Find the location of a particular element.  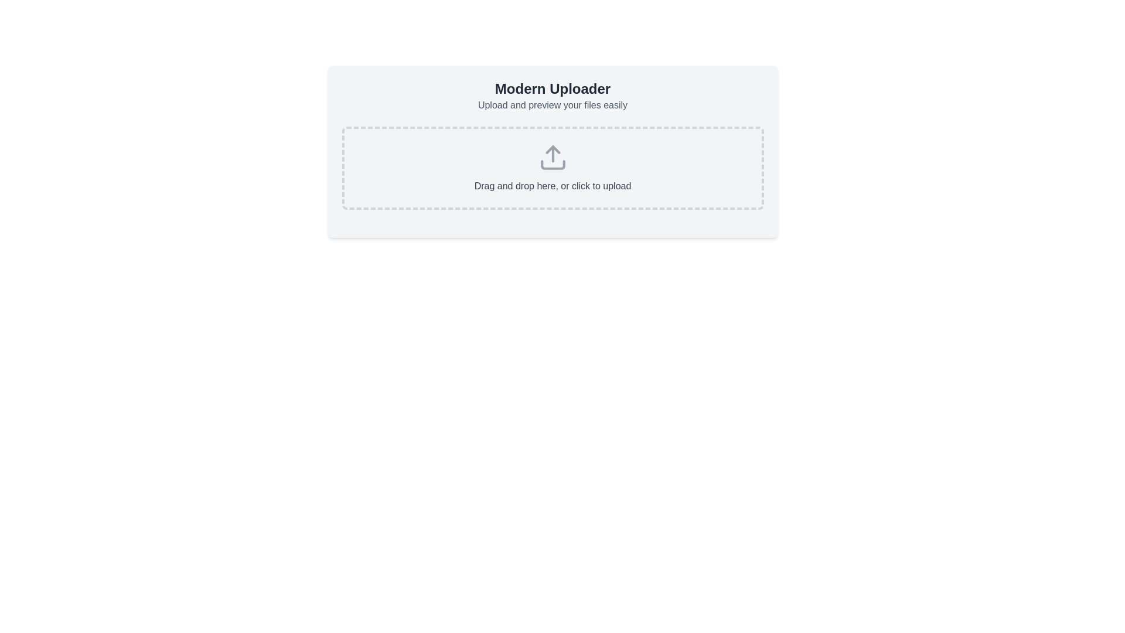

the static text label displaying 'Upload and preview your files easily', which is positioned below the title 'Modern Uploader' is located at coordinates (552, 105).